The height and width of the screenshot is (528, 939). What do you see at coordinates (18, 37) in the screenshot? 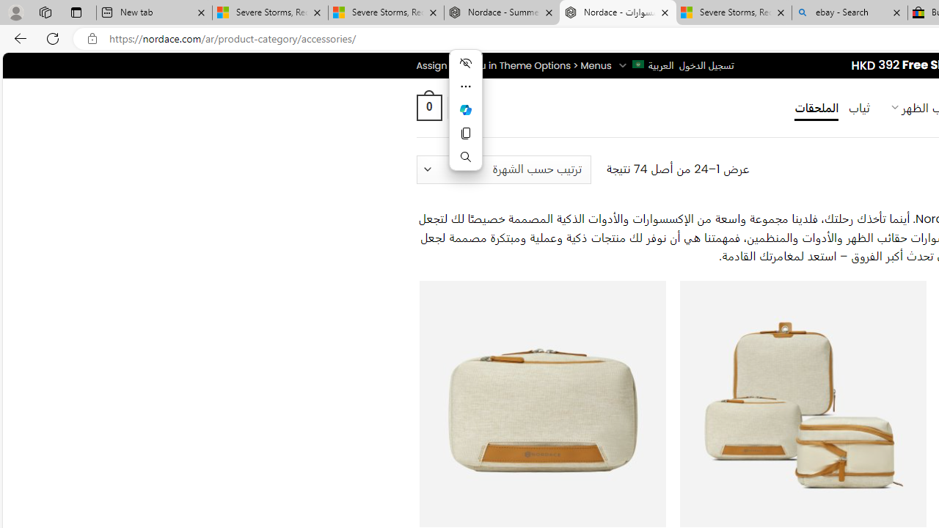
I see `'Back'` at bounding box center [18, 37].